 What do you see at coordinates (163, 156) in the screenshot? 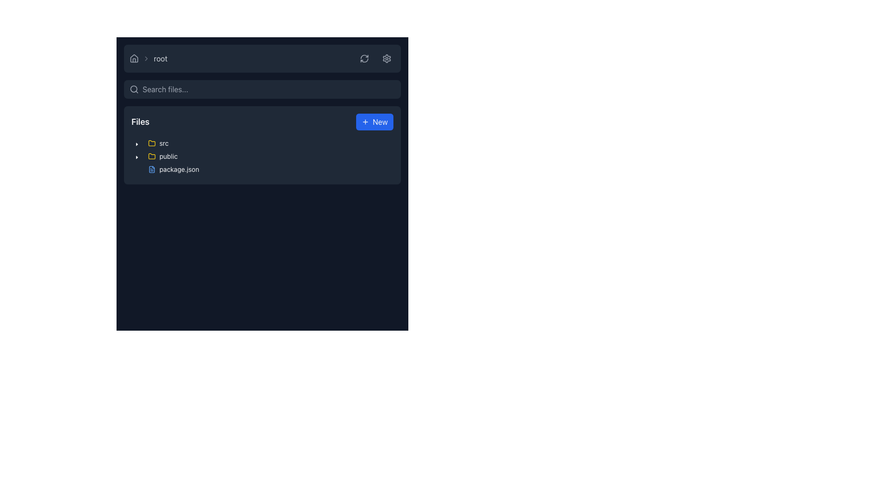
I see `the 'public' folder label in the file directory` at bounding box center [163, 156].